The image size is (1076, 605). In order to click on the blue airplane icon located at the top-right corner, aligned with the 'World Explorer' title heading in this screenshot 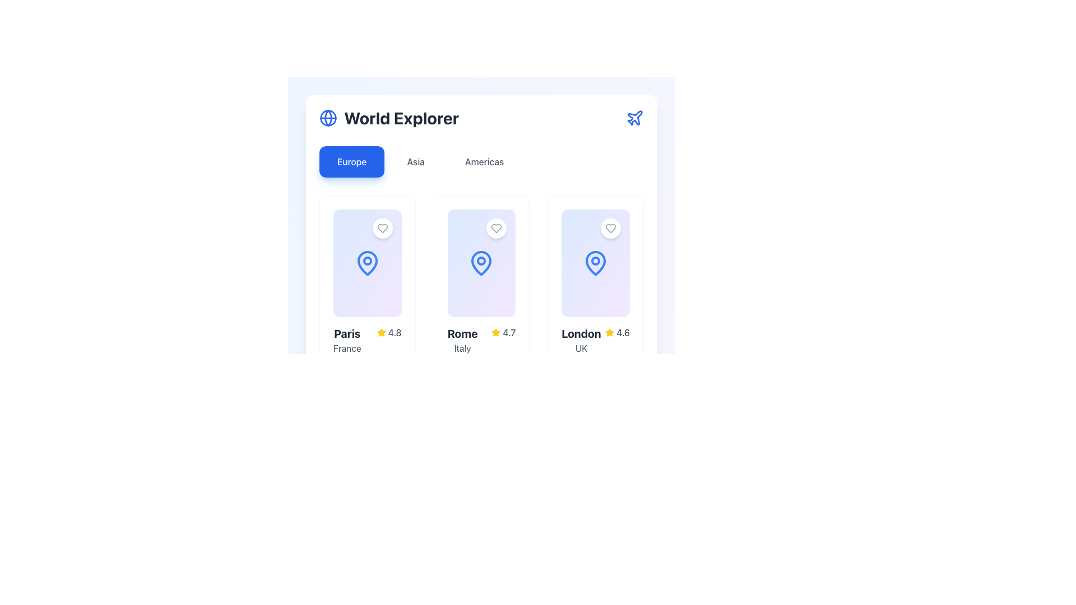, I will do `click(634, 118)`.